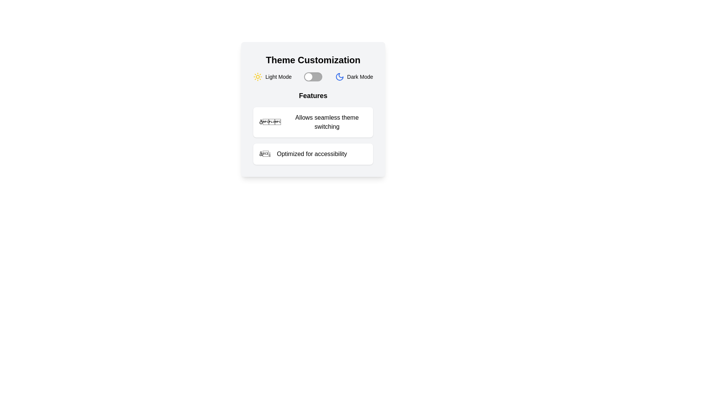 The height and width of the screenshot is (409, 728). I want to click on text label displaying 'Light Mode' which is positioned within the 'Theme Customization' section, located between a yellow sun icon and a toggle switch, so click(278, 77).